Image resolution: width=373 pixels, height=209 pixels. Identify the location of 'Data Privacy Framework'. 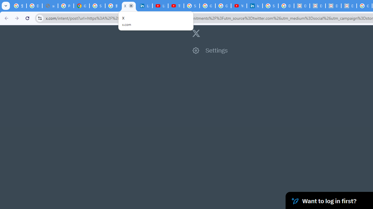
(317, 6).